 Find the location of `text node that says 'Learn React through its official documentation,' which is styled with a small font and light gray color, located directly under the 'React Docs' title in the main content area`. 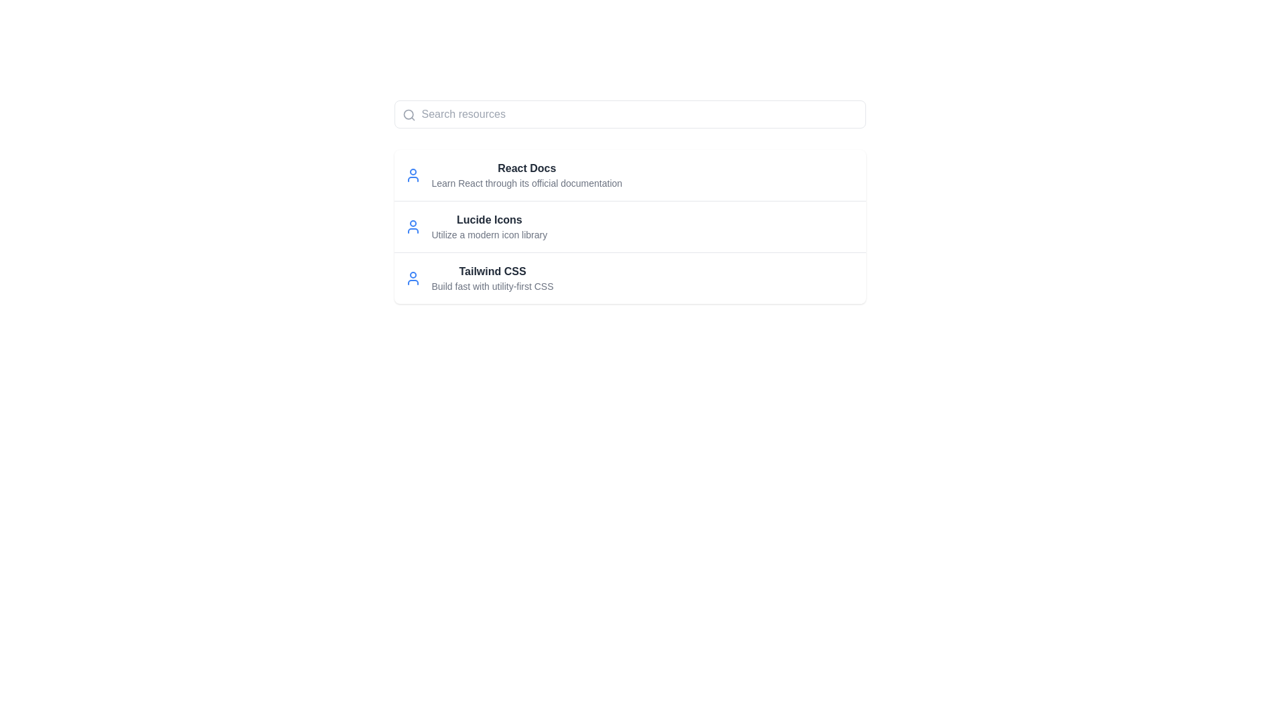

text node that says 'Learn React through its official documentation,' which is styled with a small font and light gray color, located directly under the 'React Docs' title in the main content area is located at coordinates (526, 183).